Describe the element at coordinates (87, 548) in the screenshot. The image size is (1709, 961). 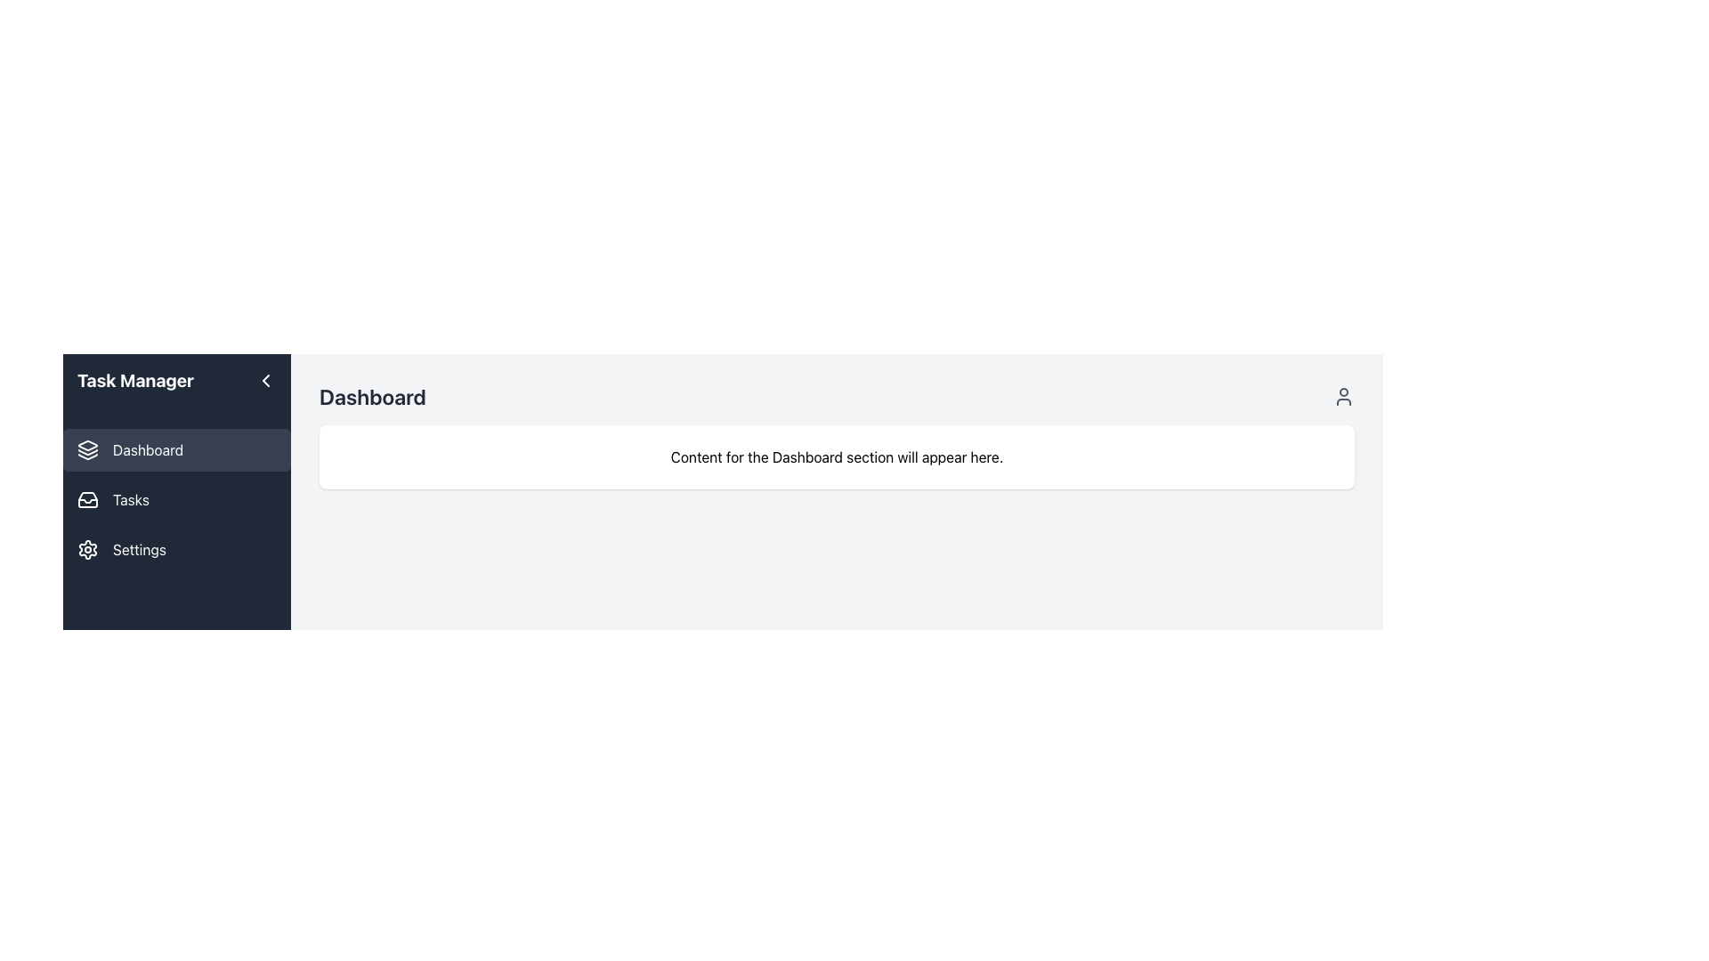
I see `the 'Settings' icon located in the left sidebar menu, which serves as a visual indicator for the 'Settings' menu option` at that location.